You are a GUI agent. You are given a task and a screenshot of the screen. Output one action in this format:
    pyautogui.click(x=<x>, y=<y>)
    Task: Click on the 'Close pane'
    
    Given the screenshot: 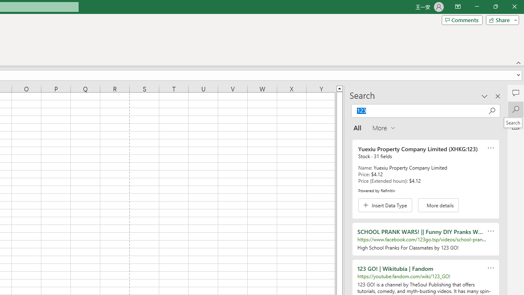 What is the action you would take?
    pyautogui.click(x=497, y=96)
    